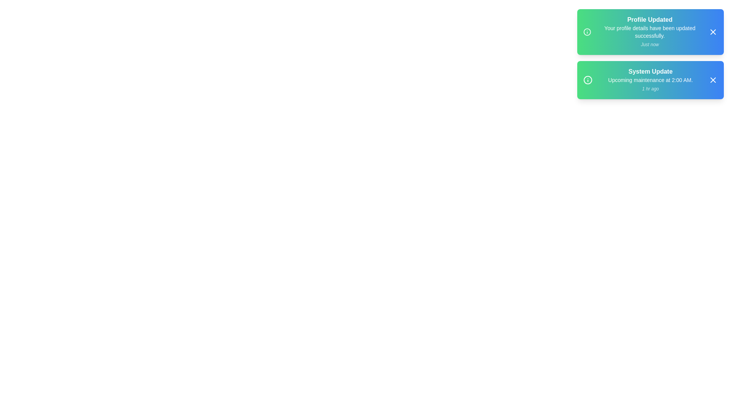 Image resolution: width=733 pixels, height=412 pixels. What do you see at coordinates (712, 80) in the screenshot?
I see `the close button of the notification with title System Update` at bounding box center [712, 80].